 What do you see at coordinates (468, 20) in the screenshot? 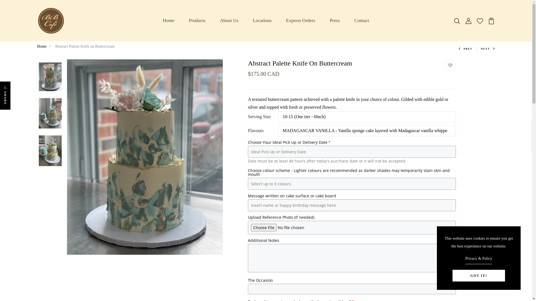
I see `'image/svg+xml'` at bounding box center [468, 20].